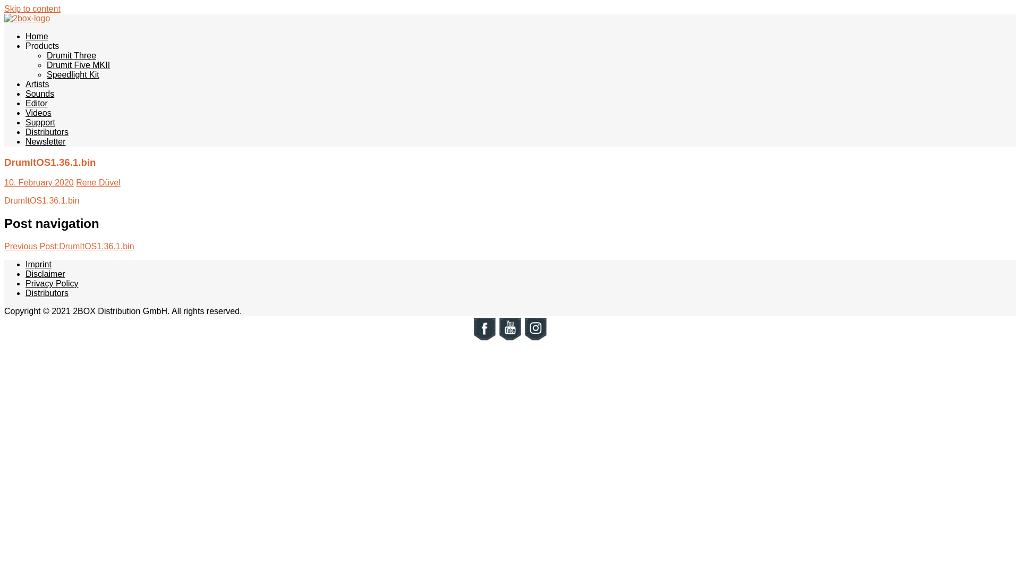  Describe the element at coordinates (45, 273) in the screenshot. I see `'Disclaimer'` at that location.